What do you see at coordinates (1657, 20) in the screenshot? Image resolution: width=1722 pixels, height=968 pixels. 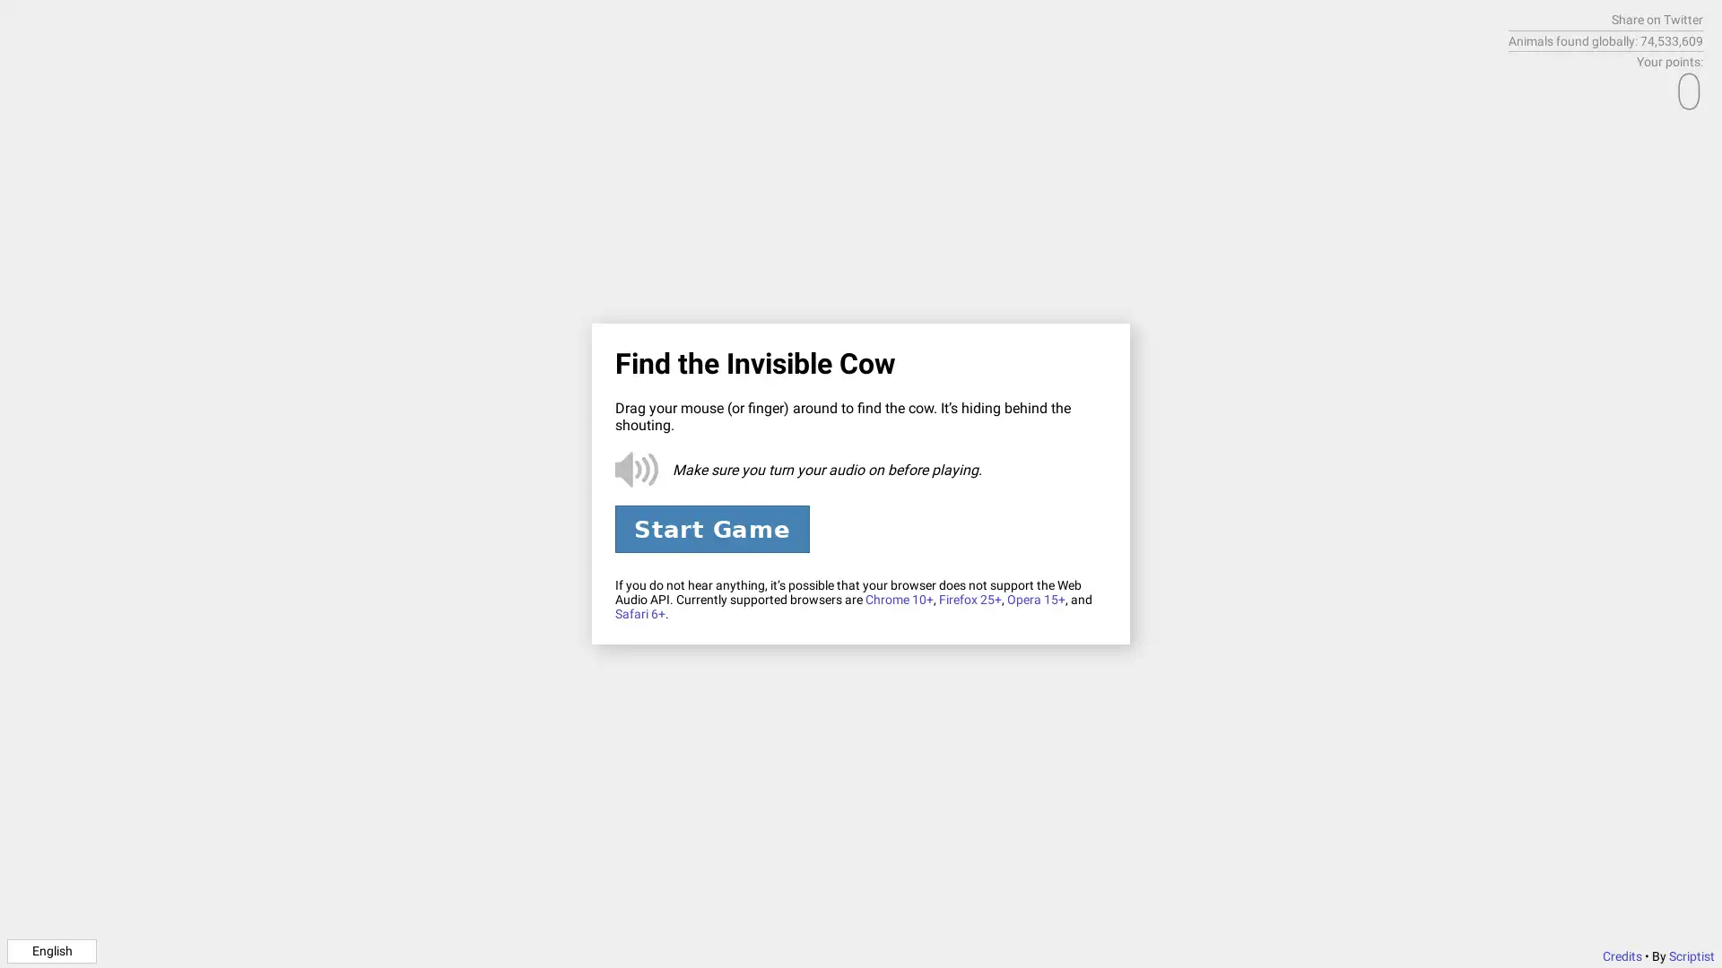 I see `Share on Twitter` at bounding box center [1657, 20].